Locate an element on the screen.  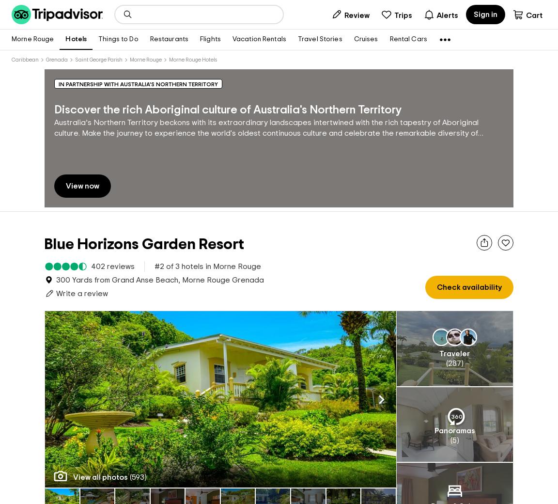
'Cruises' is located at coordinates (366, 39).